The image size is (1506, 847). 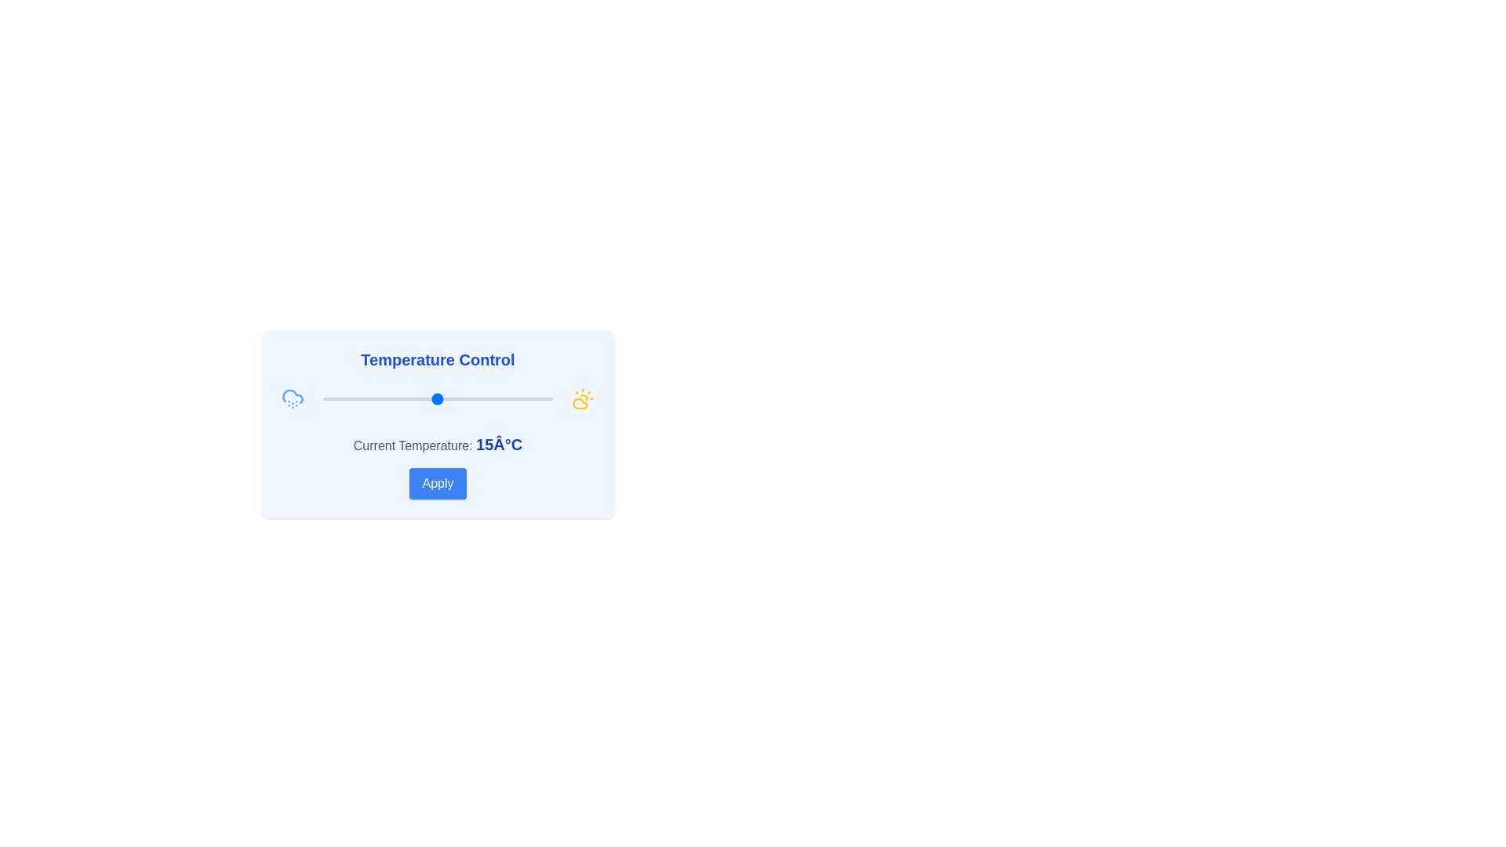 I want to click on the temperature to 7°C using the slider, so click(x=401, y=398).